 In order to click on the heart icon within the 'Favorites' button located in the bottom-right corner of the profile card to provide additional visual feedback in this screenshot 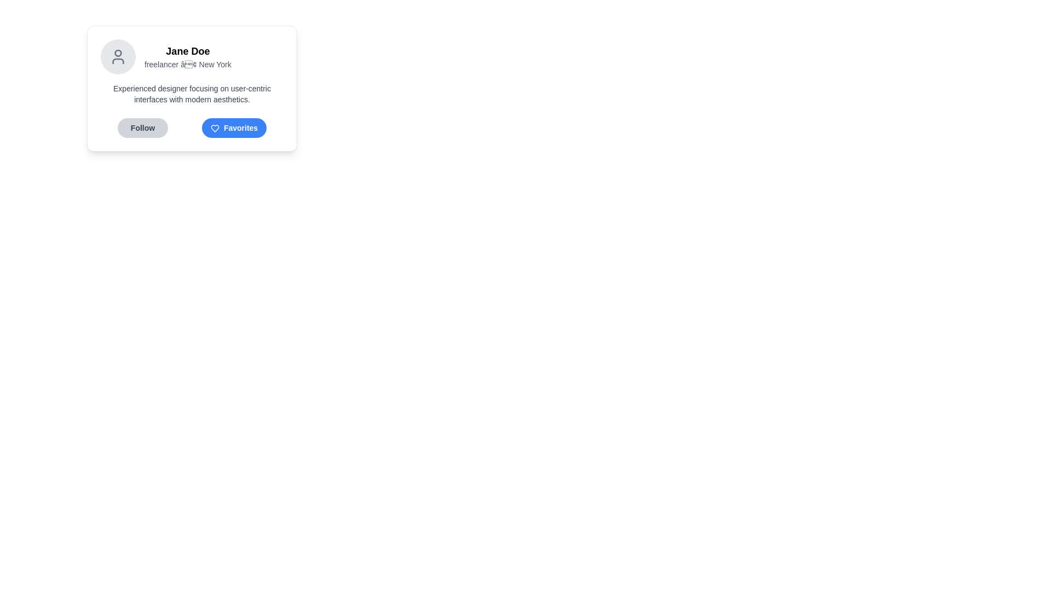, I will do `click(215, 128)`.